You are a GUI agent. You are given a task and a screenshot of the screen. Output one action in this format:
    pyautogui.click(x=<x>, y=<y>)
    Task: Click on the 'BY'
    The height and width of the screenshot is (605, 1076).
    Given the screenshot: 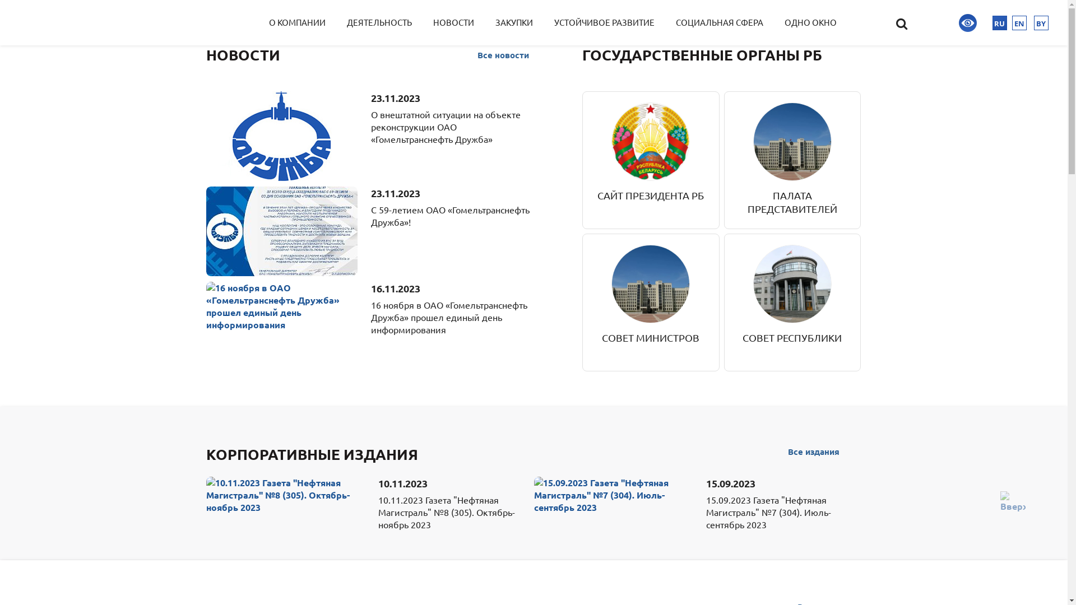 What is the action you would take?
    pyautogui.click(x=1040, y=23)
    